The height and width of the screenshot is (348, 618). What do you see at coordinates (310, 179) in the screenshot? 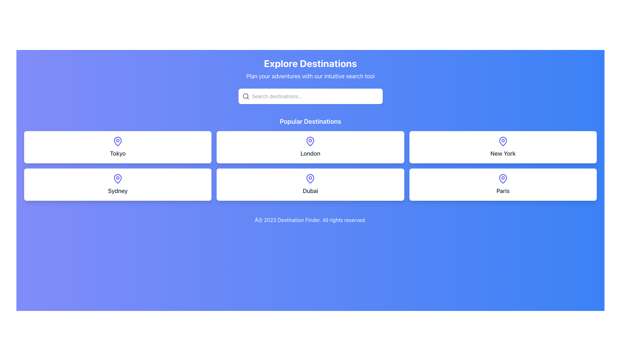
I see `the decorative icon representing the geographic destination located in the second row and second column of the popular destinations section, specifically within the white rectangular card labeled 'Dubai'` at bounding box center [310, 179].